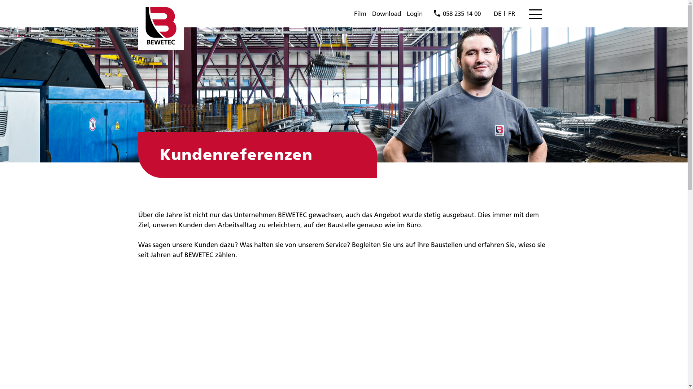 The height and width of the screenshot is (389, 693). What do you see at coordinates (360, 14) in the screenshot?
I see `'Film'` at bounding box center [360, 14].